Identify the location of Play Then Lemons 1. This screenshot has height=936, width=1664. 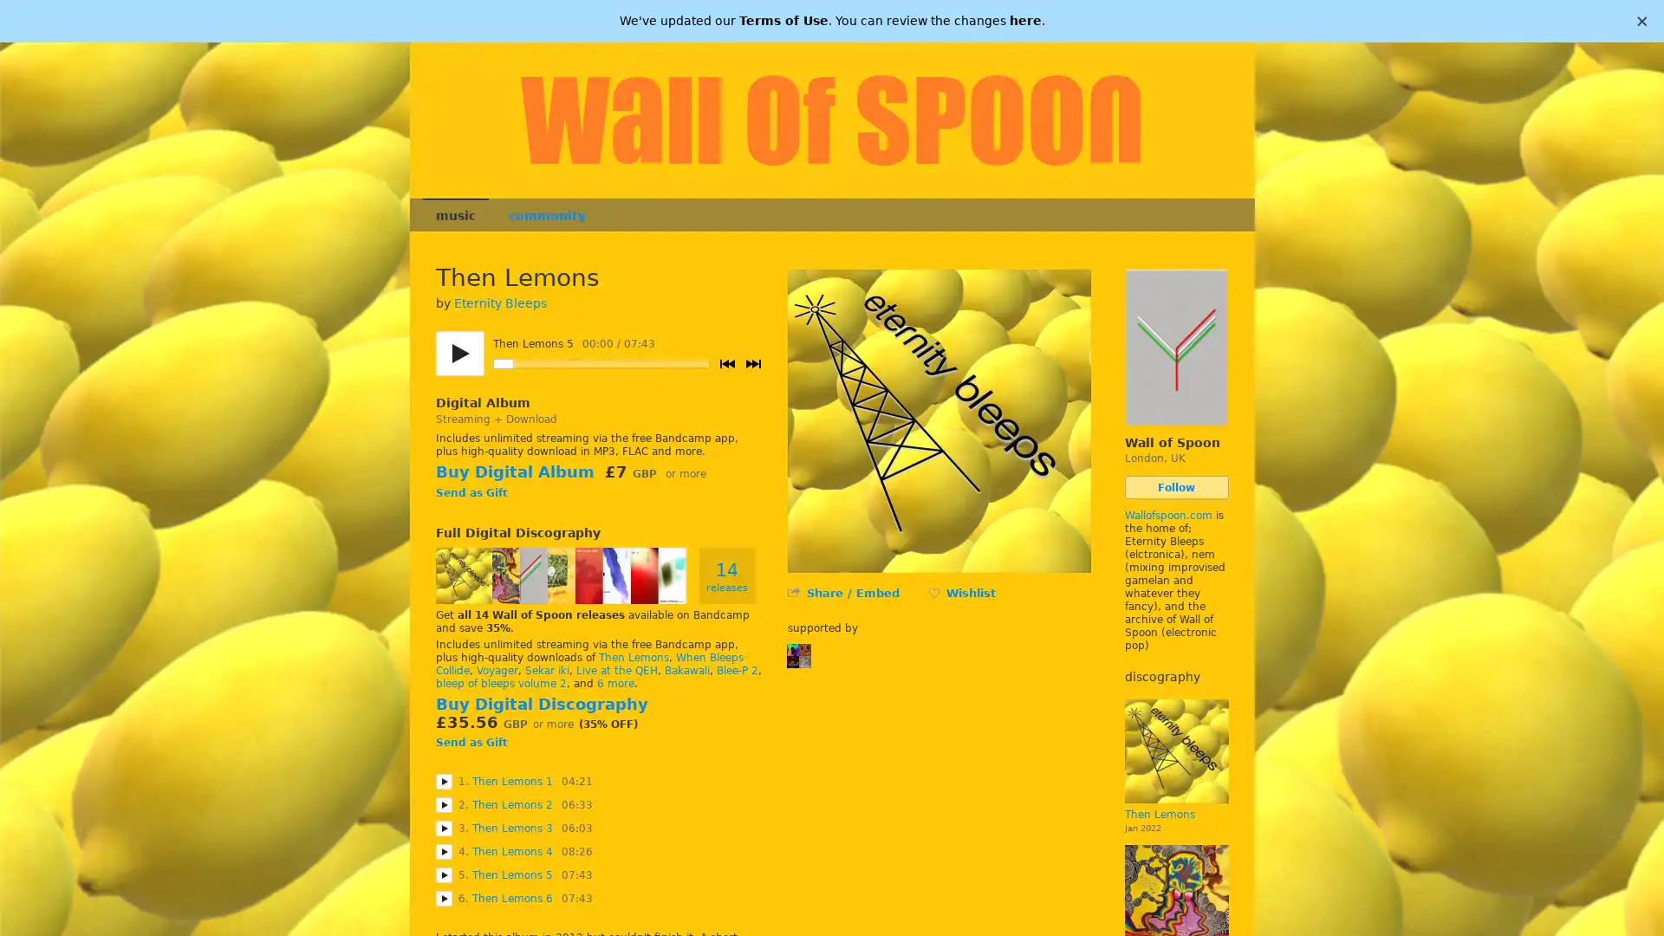
(443, 781).